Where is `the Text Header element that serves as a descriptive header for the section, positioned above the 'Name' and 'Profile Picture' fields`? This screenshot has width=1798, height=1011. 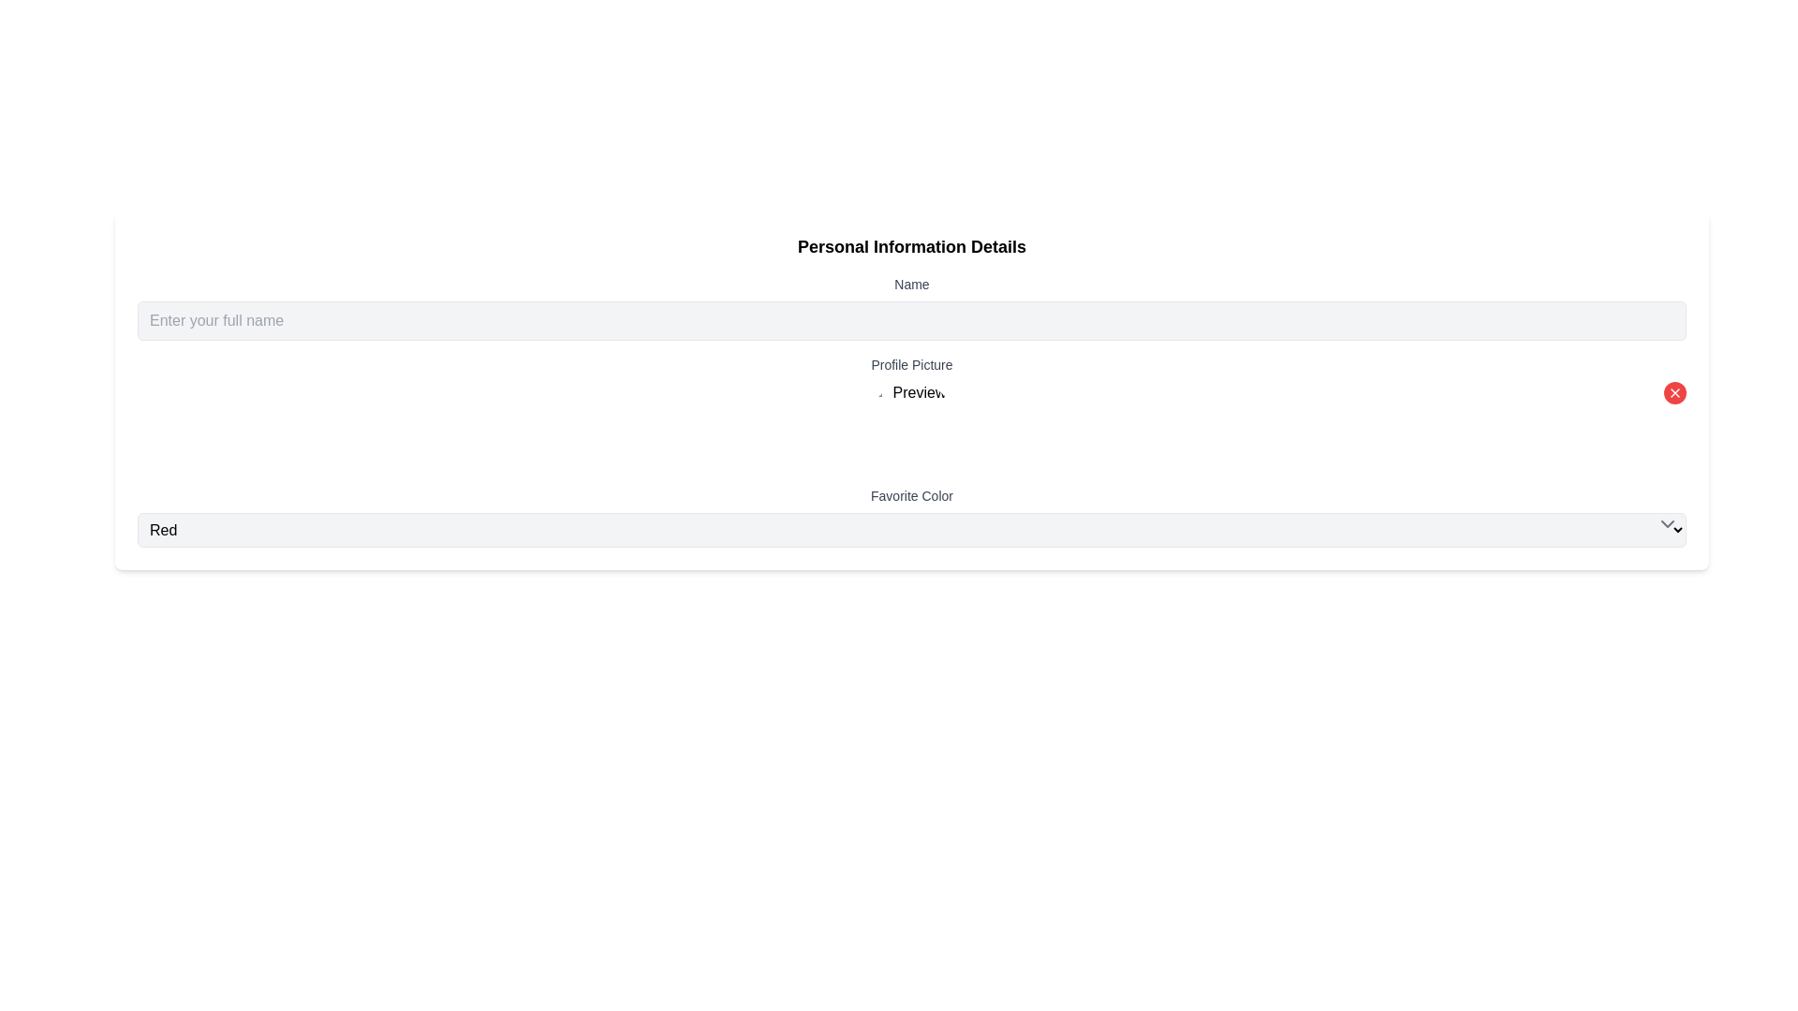 the Text Header element that serves as a descriptive header for the section, positioned above the 'Name' and 'Profile Picture' fields is located at coordinates (912, 245).